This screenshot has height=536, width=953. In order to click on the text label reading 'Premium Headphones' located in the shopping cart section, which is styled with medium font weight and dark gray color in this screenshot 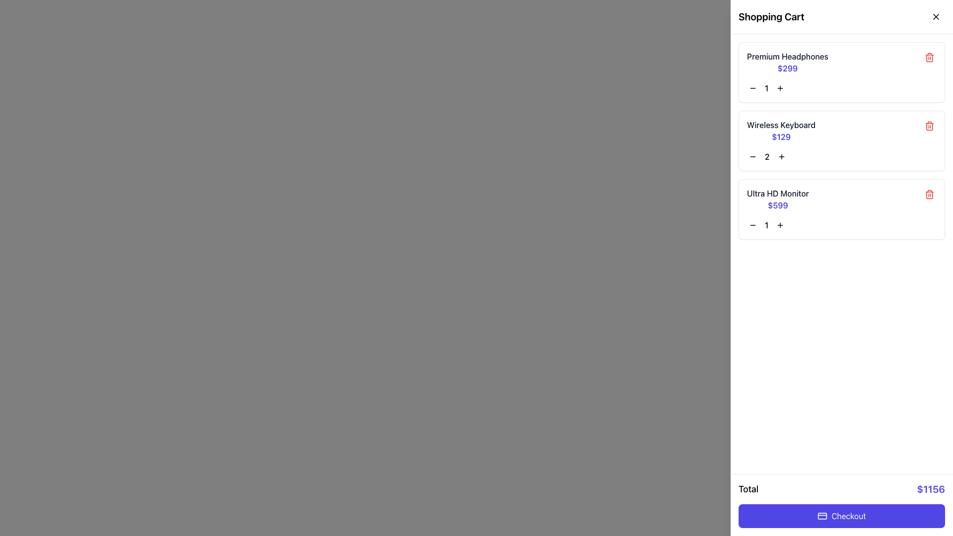, I will do `click(787, 57)`.